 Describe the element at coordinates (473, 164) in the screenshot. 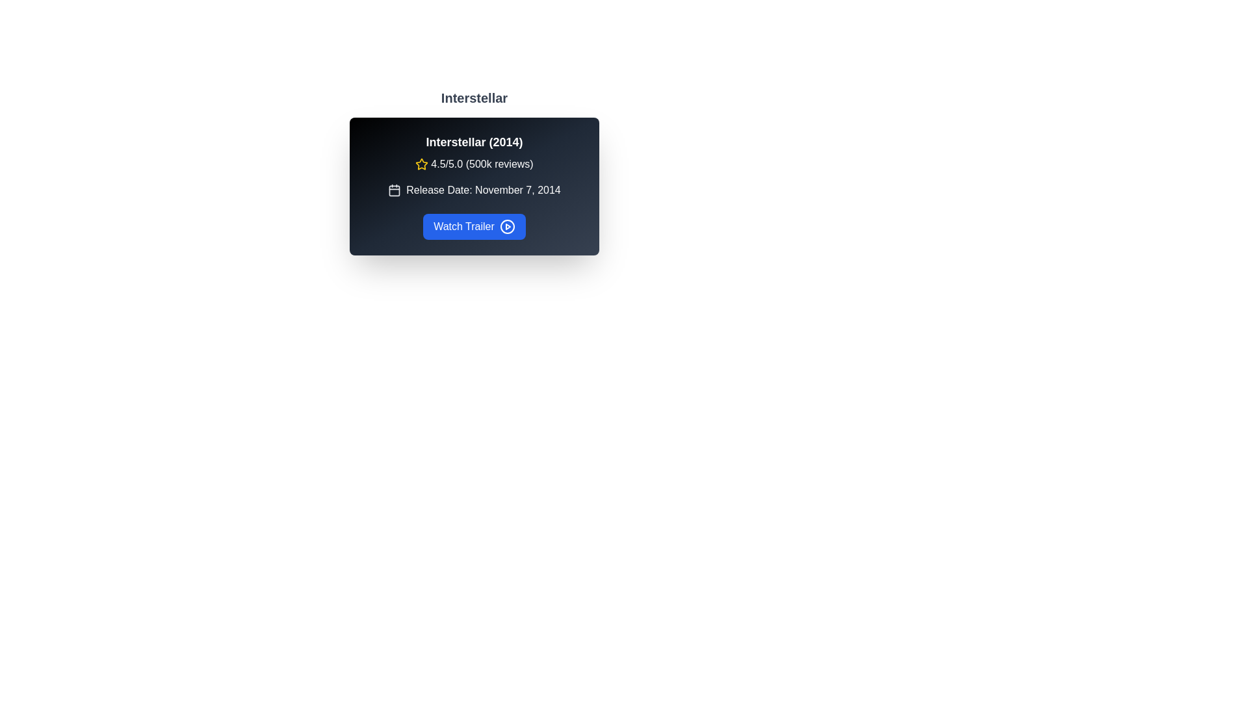

I see `the rating information displayed with a yellow star icon and the text '4.5/5.0' located below the title 'Interstellar (2014)'` at that location.